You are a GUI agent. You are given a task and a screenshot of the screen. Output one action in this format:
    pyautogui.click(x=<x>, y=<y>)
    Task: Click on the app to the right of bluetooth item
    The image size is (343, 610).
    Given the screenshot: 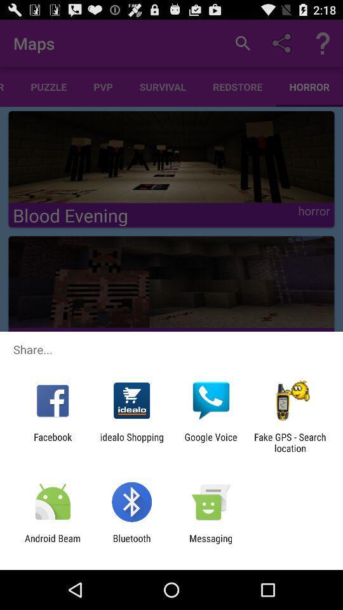 What is the action you would take?
    pyautogui.click(x=211, y=543)
    